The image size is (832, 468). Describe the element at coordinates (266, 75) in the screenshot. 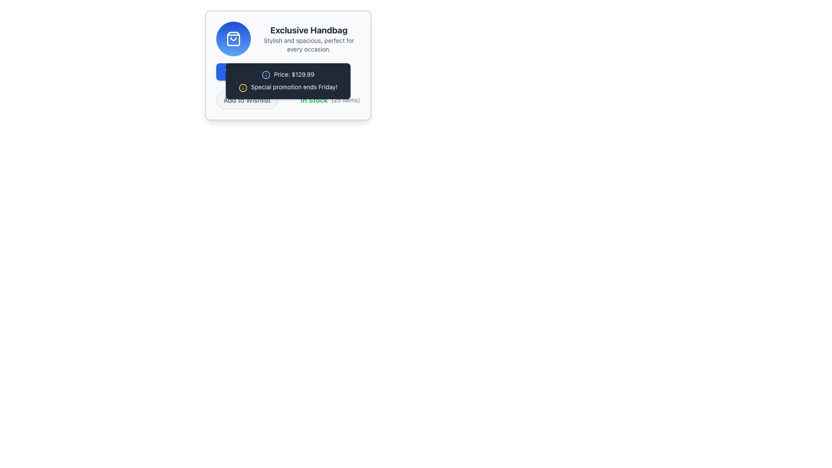

I see `the decorative informational icon, which is a circular design with a blue outline and a centrally placed dot, located to the left of the text 'Price: $129.99'` at that location.